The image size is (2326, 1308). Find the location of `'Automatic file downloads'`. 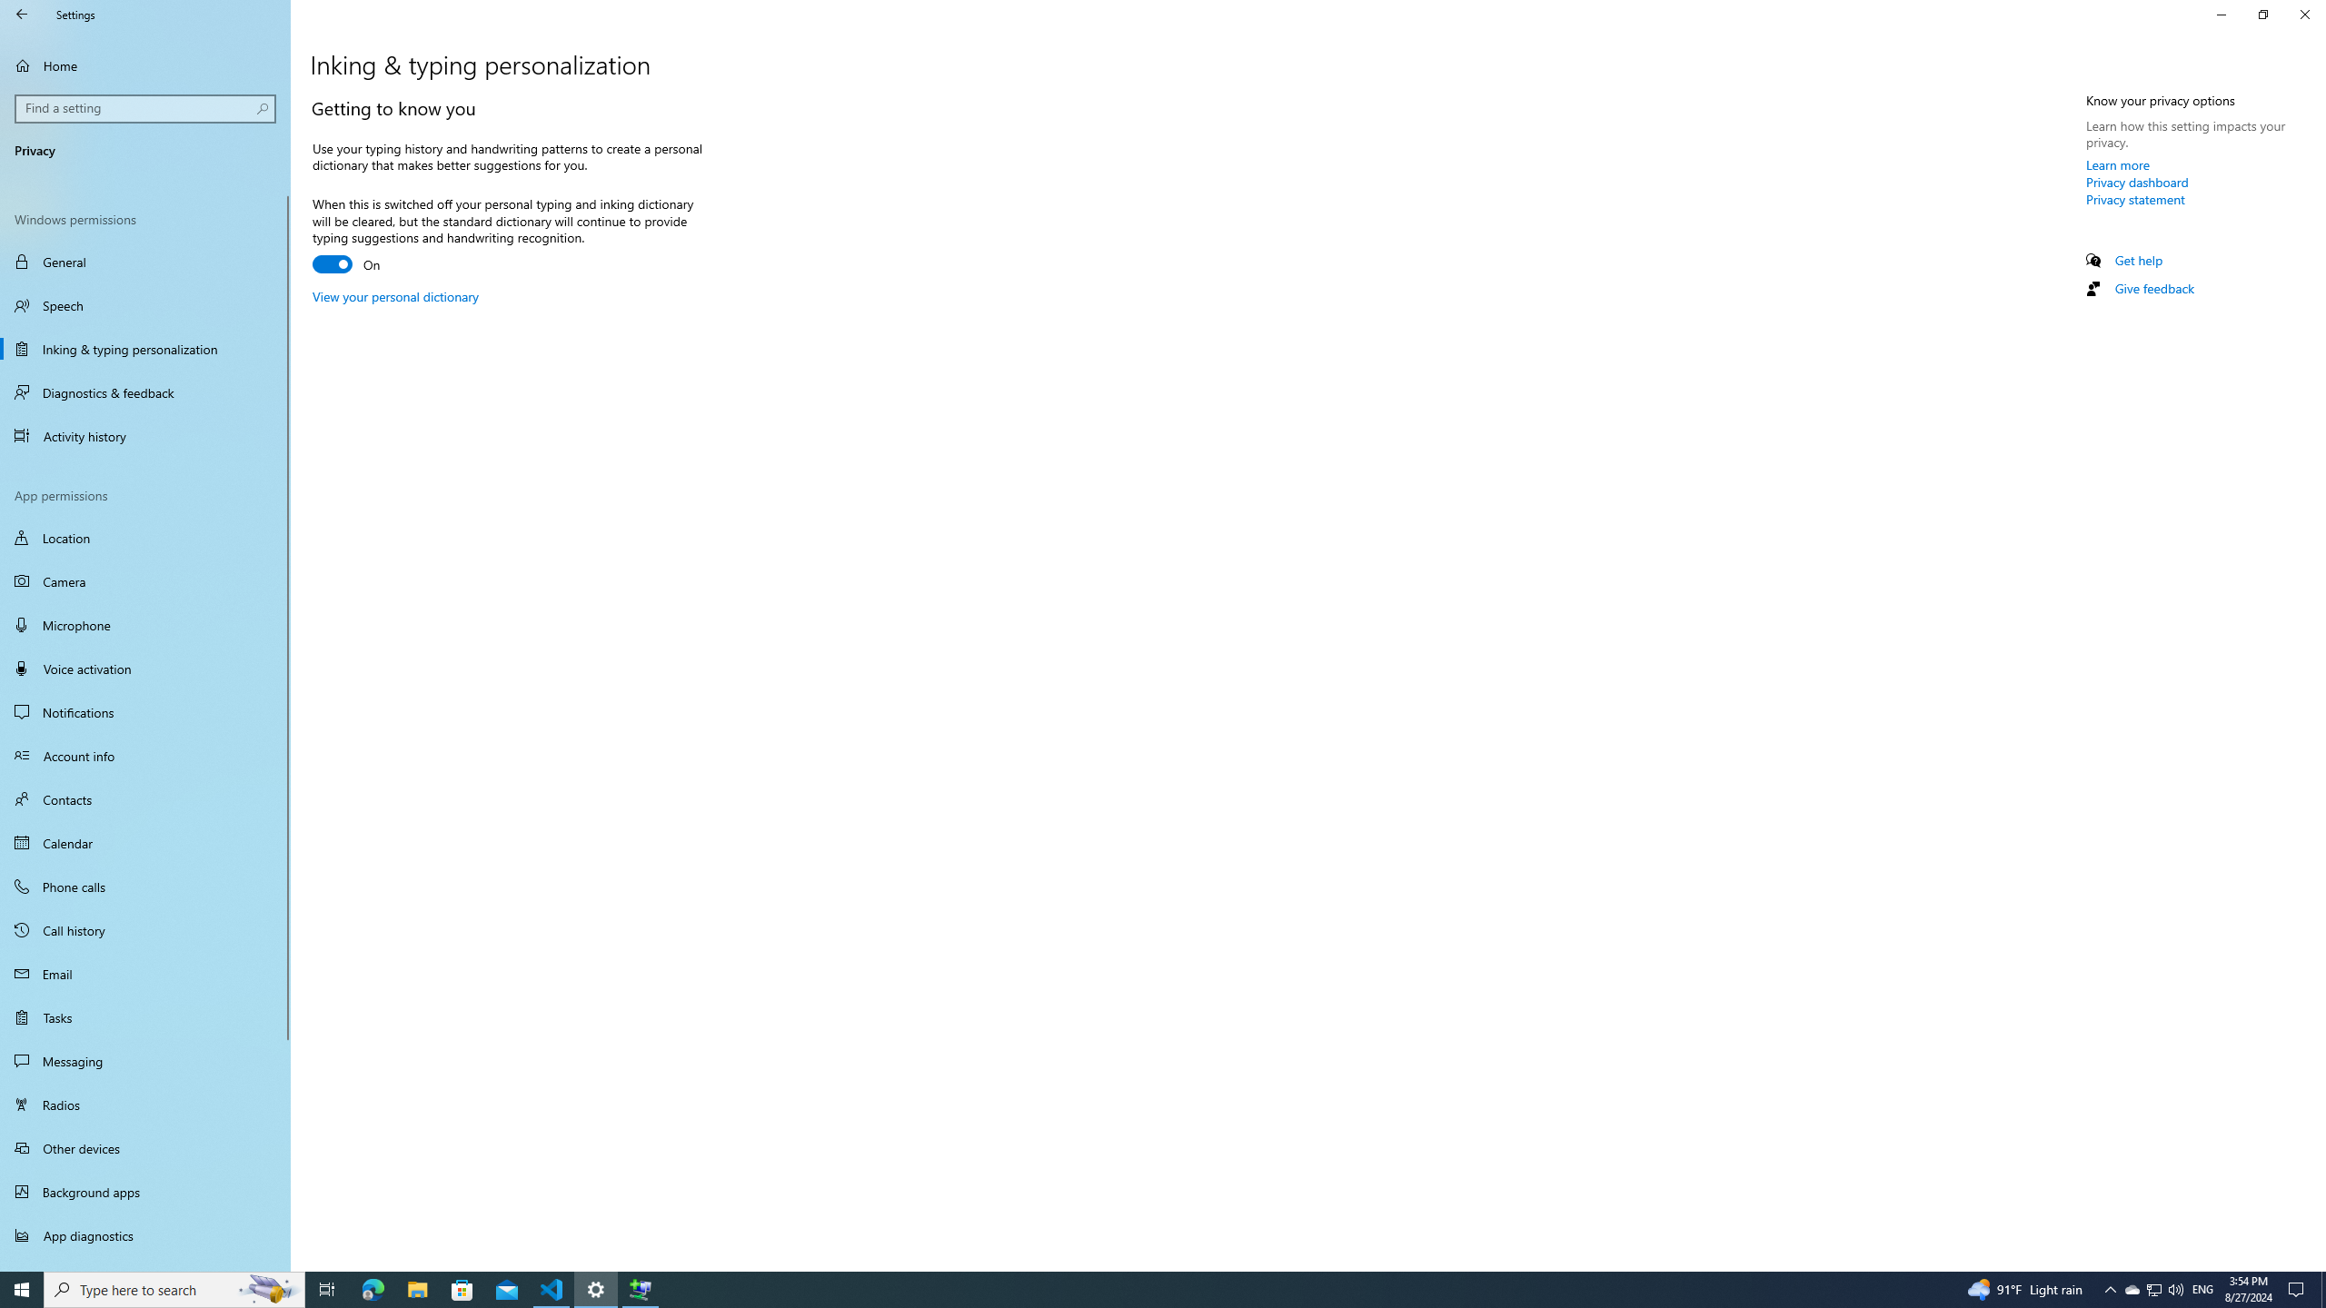

'Automatic file downloads' is located at coordinates (144, 1263).